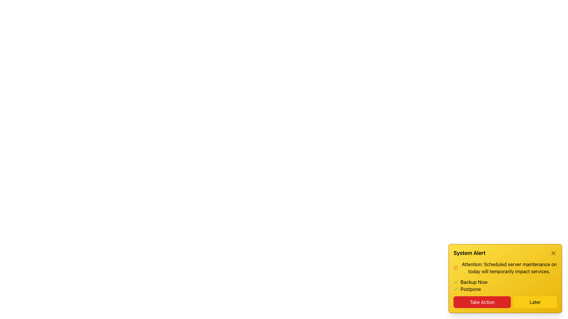 This screenshot has height=319, width=568. What do you see at coordinates (469, 253) in the screenshot?
I see `the Text Label at the top-left corner of the notification box, which summarizes the context of the alert information` at bounding box center [469, 253].